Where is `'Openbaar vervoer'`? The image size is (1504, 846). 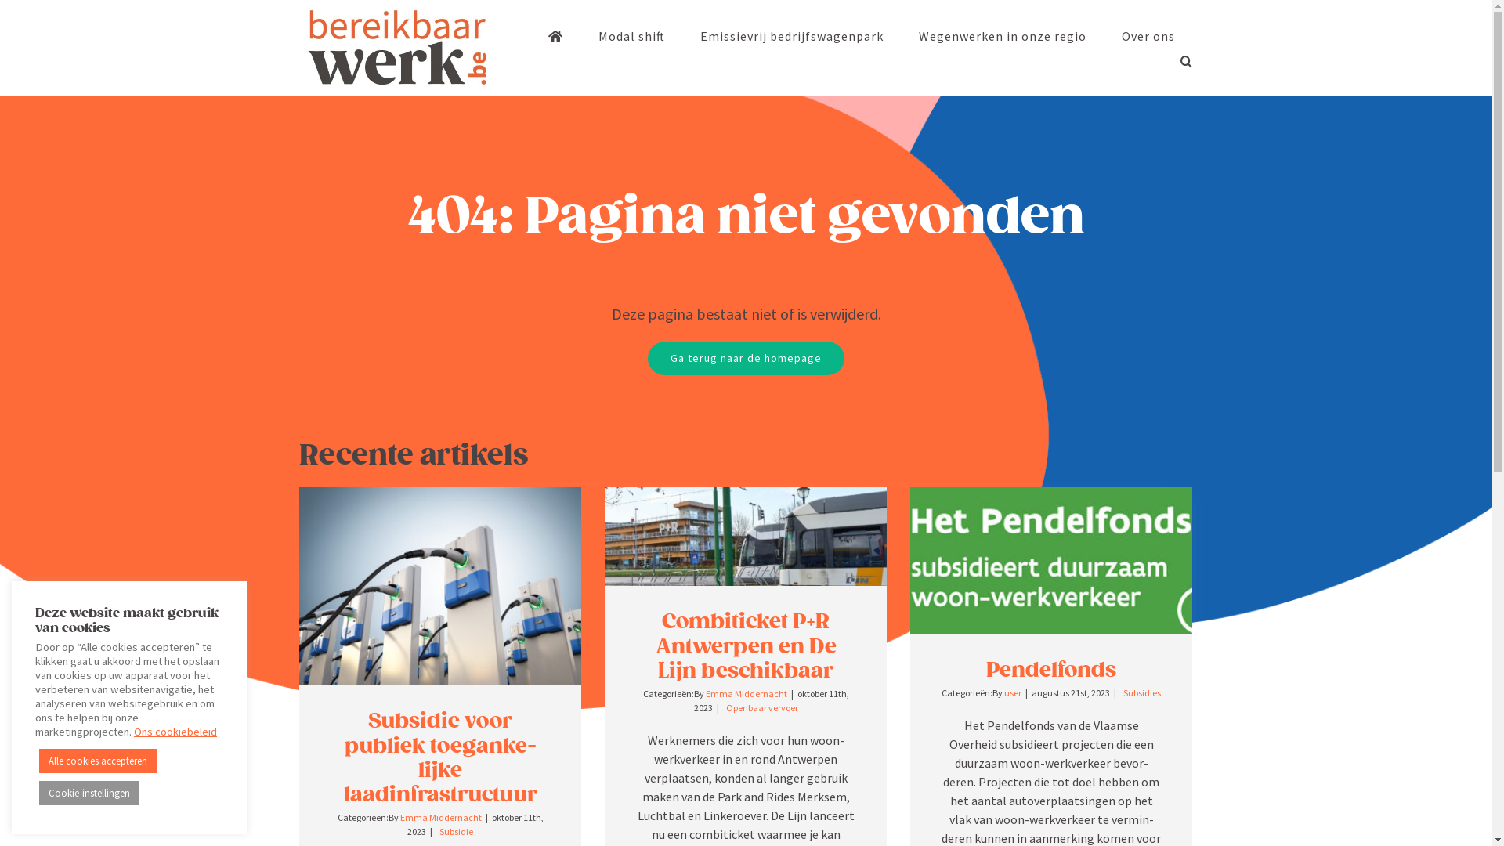 'Openbaar vervoer' is located at coordinates (762, 707).